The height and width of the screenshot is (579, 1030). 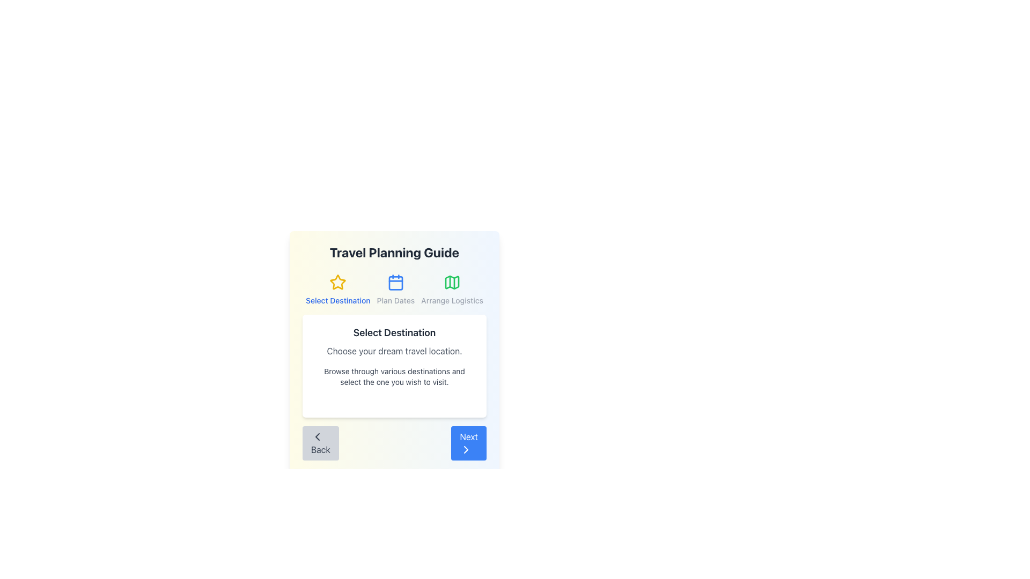 What do you see at coordinates (452, 300) in the screenshot?
I see `the text label that describes the purpose of the icon above it, which provides a hint about planning logistics for a trip, located centrally below a map icon in the 'Travel Planning Guide' card` at bounding box center [452, 300].